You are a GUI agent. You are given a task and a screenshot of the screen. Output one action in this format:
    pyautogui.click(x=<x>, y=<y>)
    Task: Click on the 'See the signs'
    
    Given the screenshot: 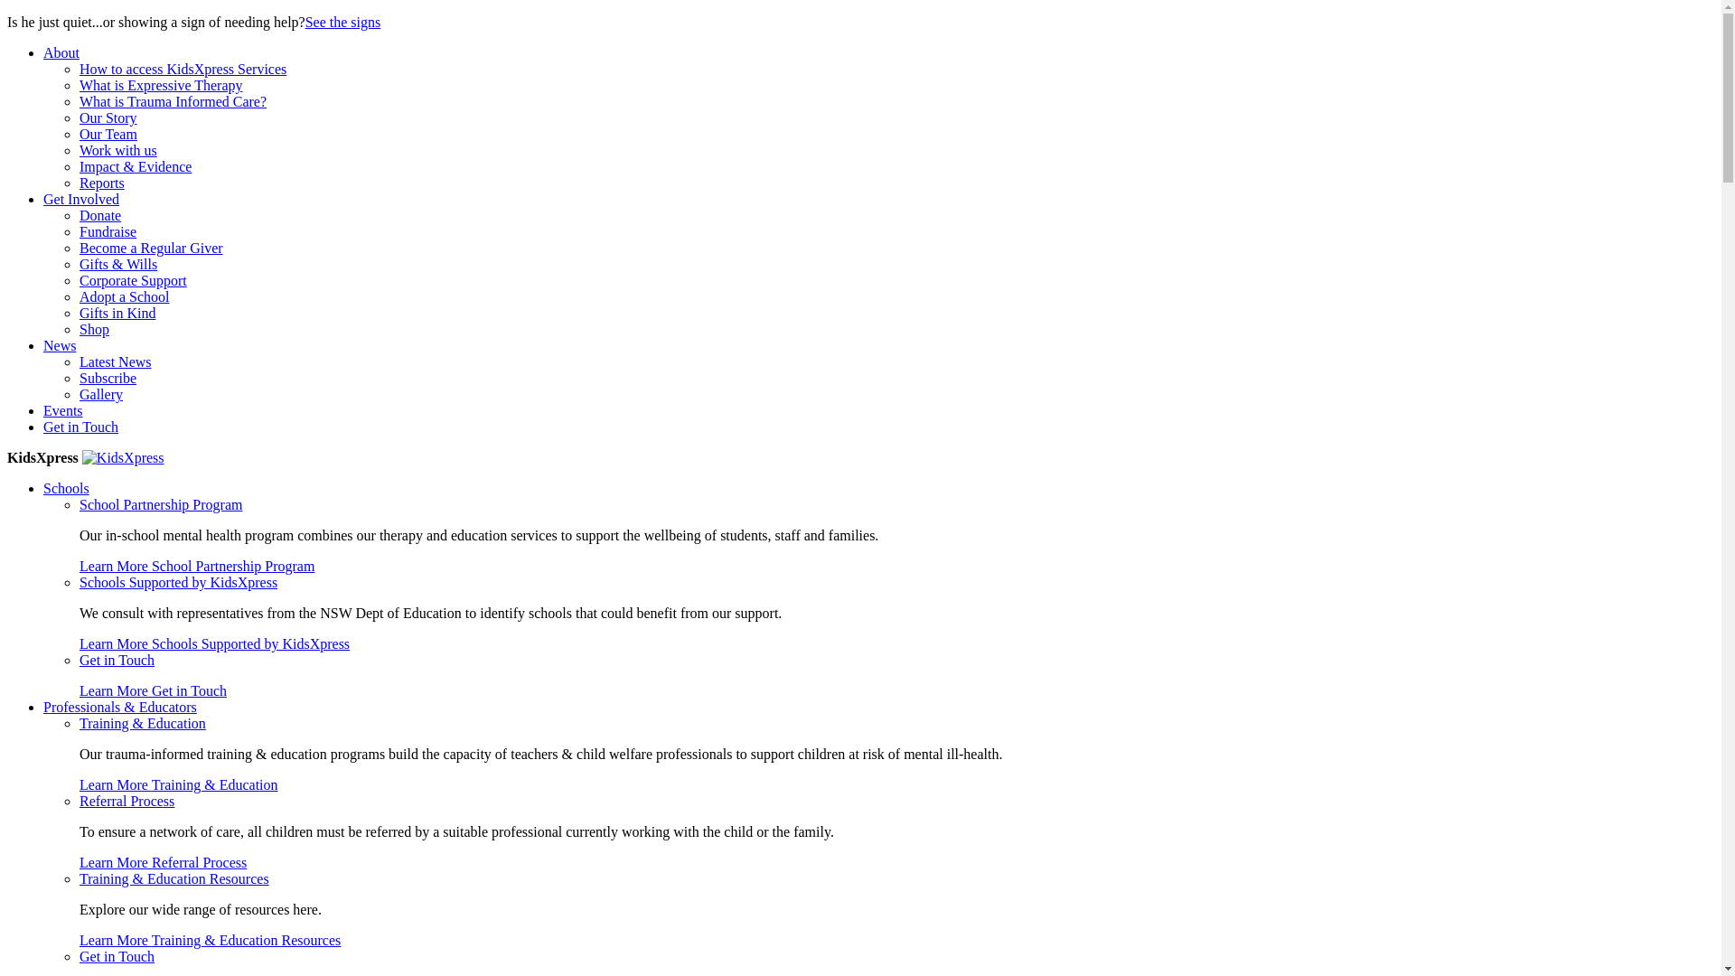 What is the action you would take?
    pyautogui.click(x=342, y=22)
    